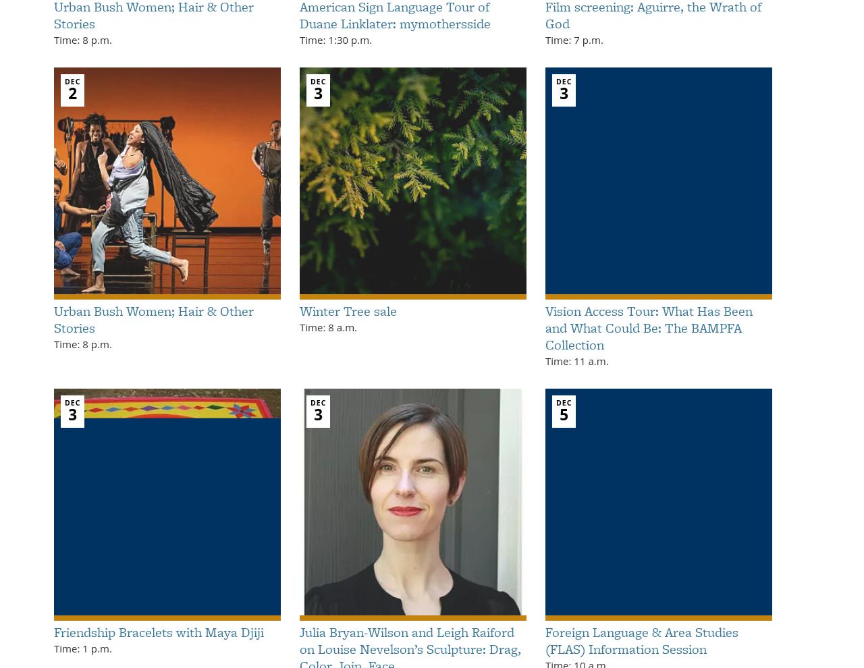 Image resolution: width=864 pixels, height=668 pixels. I want to click on 'Foreign Language & Area Studies (FLAS) Information Session', so click(545, 640).